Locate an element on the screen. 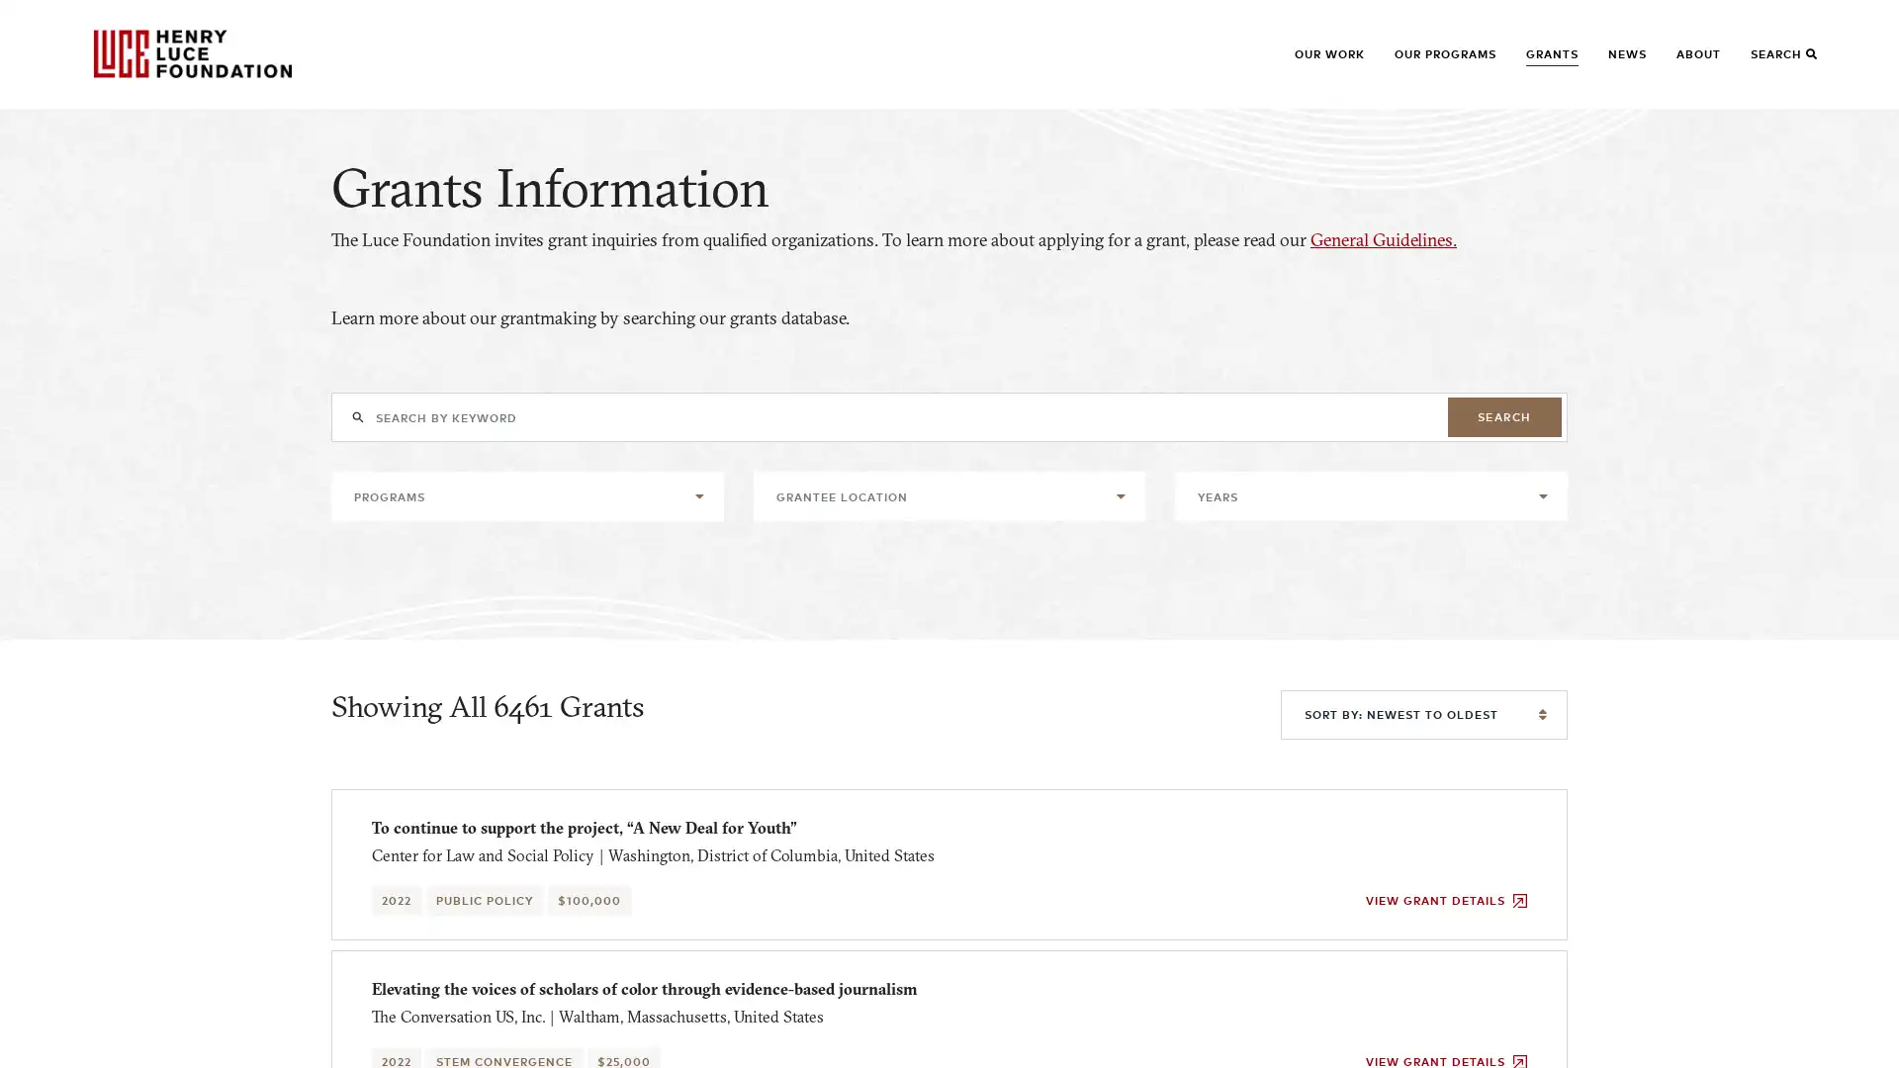 Image resolution: width=1899 pixels, height=1068 pixels. YEARS is located at coordinates (1370, 494).